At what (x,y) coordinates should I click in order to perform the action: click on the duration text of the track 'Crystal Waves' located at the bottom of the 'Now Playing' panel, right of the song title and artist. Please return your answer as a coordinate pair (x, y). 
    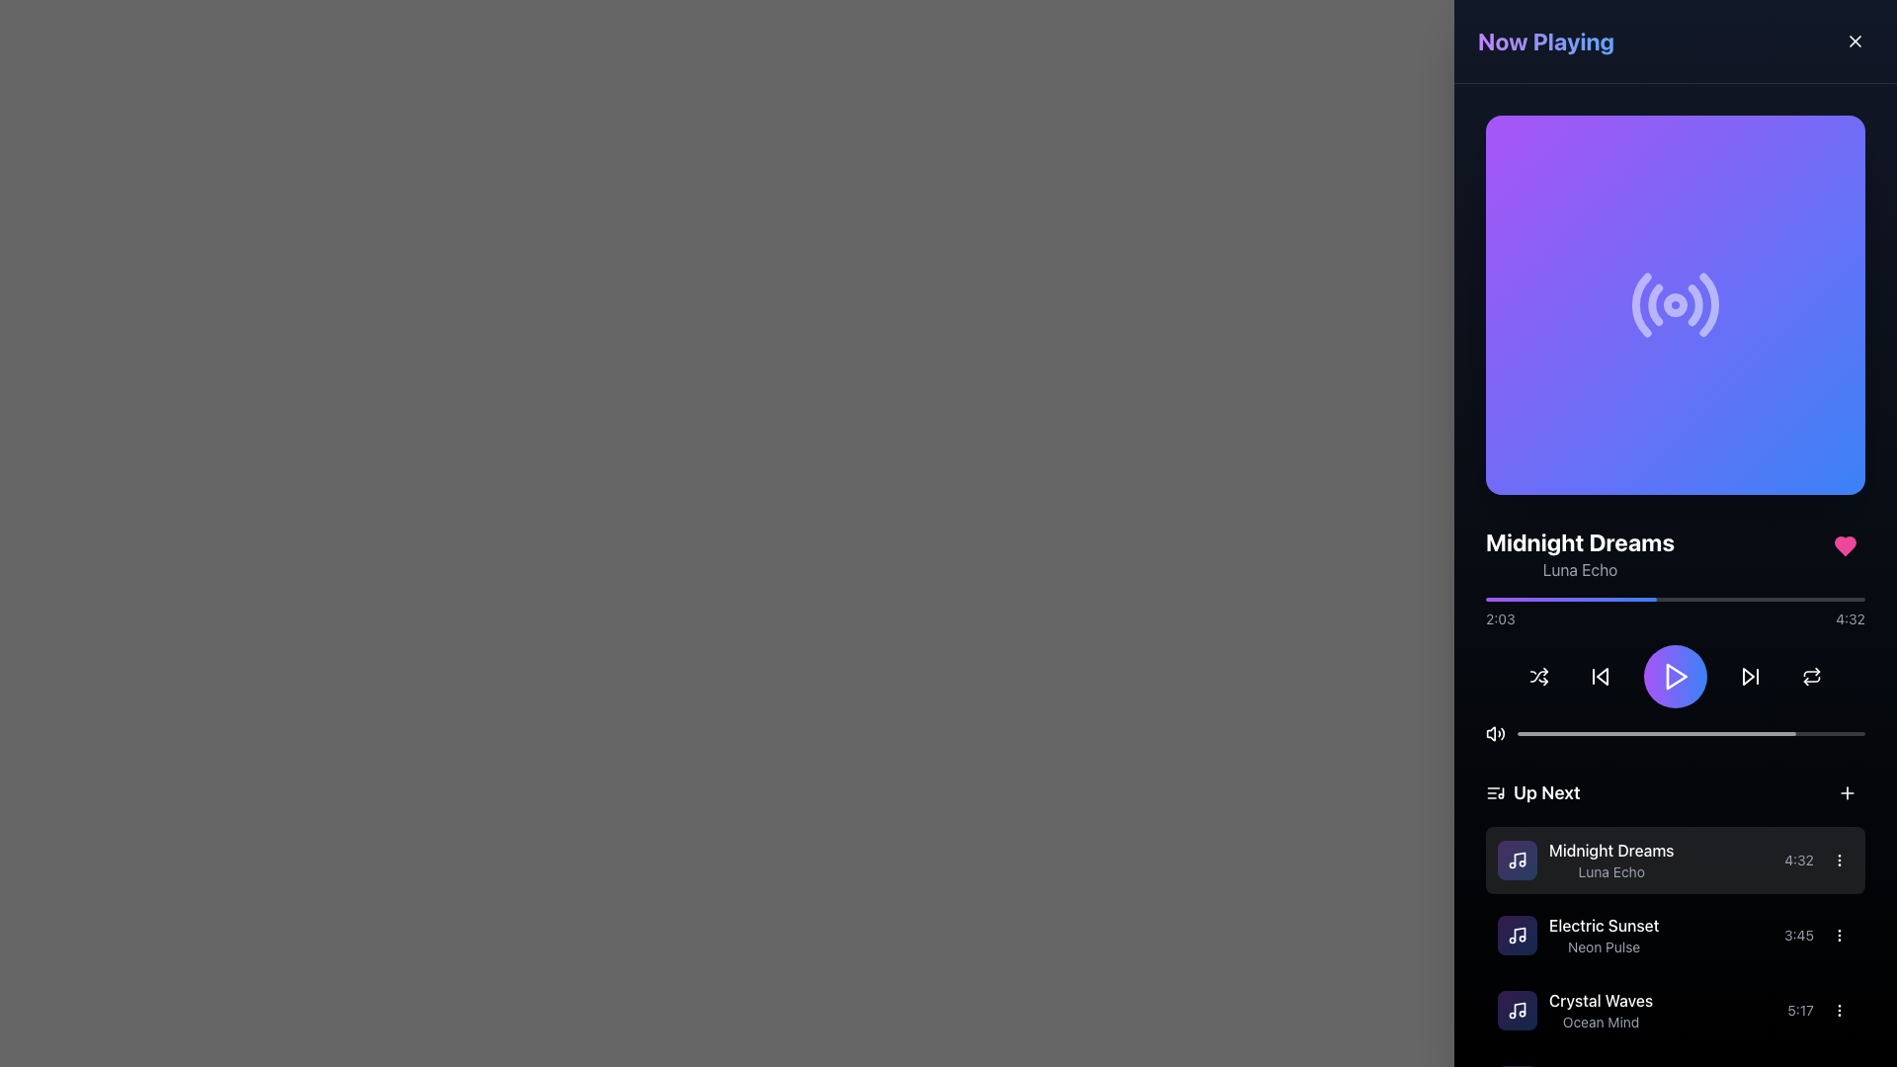
    Looking at the image, I should click on (1819, 1010).